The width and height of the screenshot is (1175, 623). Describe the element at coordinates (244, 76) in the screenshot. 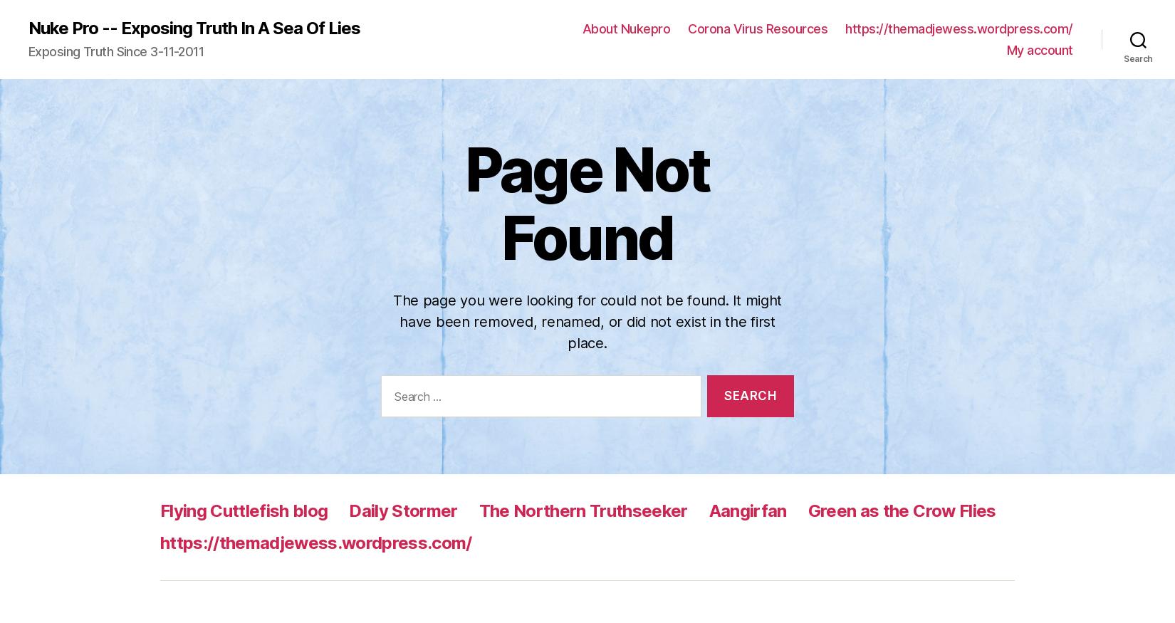

I see `'Flying Cuttlefish blog'` at that location.